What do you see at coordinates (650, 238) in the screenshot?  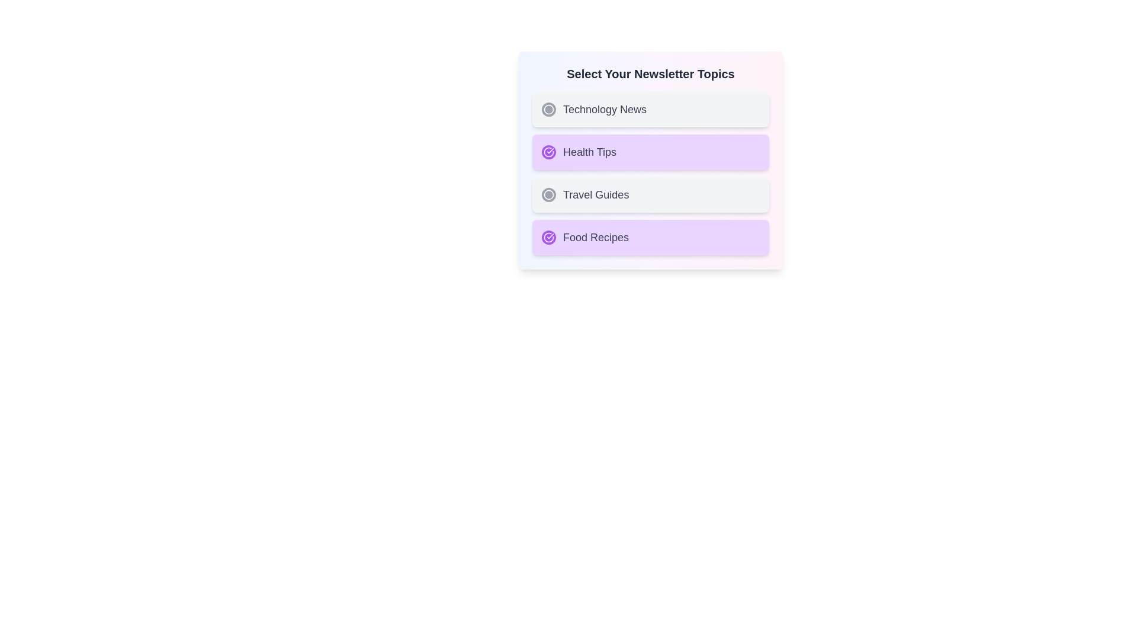 I see `the topic Food Recipes` at bounding box center [650, 238].